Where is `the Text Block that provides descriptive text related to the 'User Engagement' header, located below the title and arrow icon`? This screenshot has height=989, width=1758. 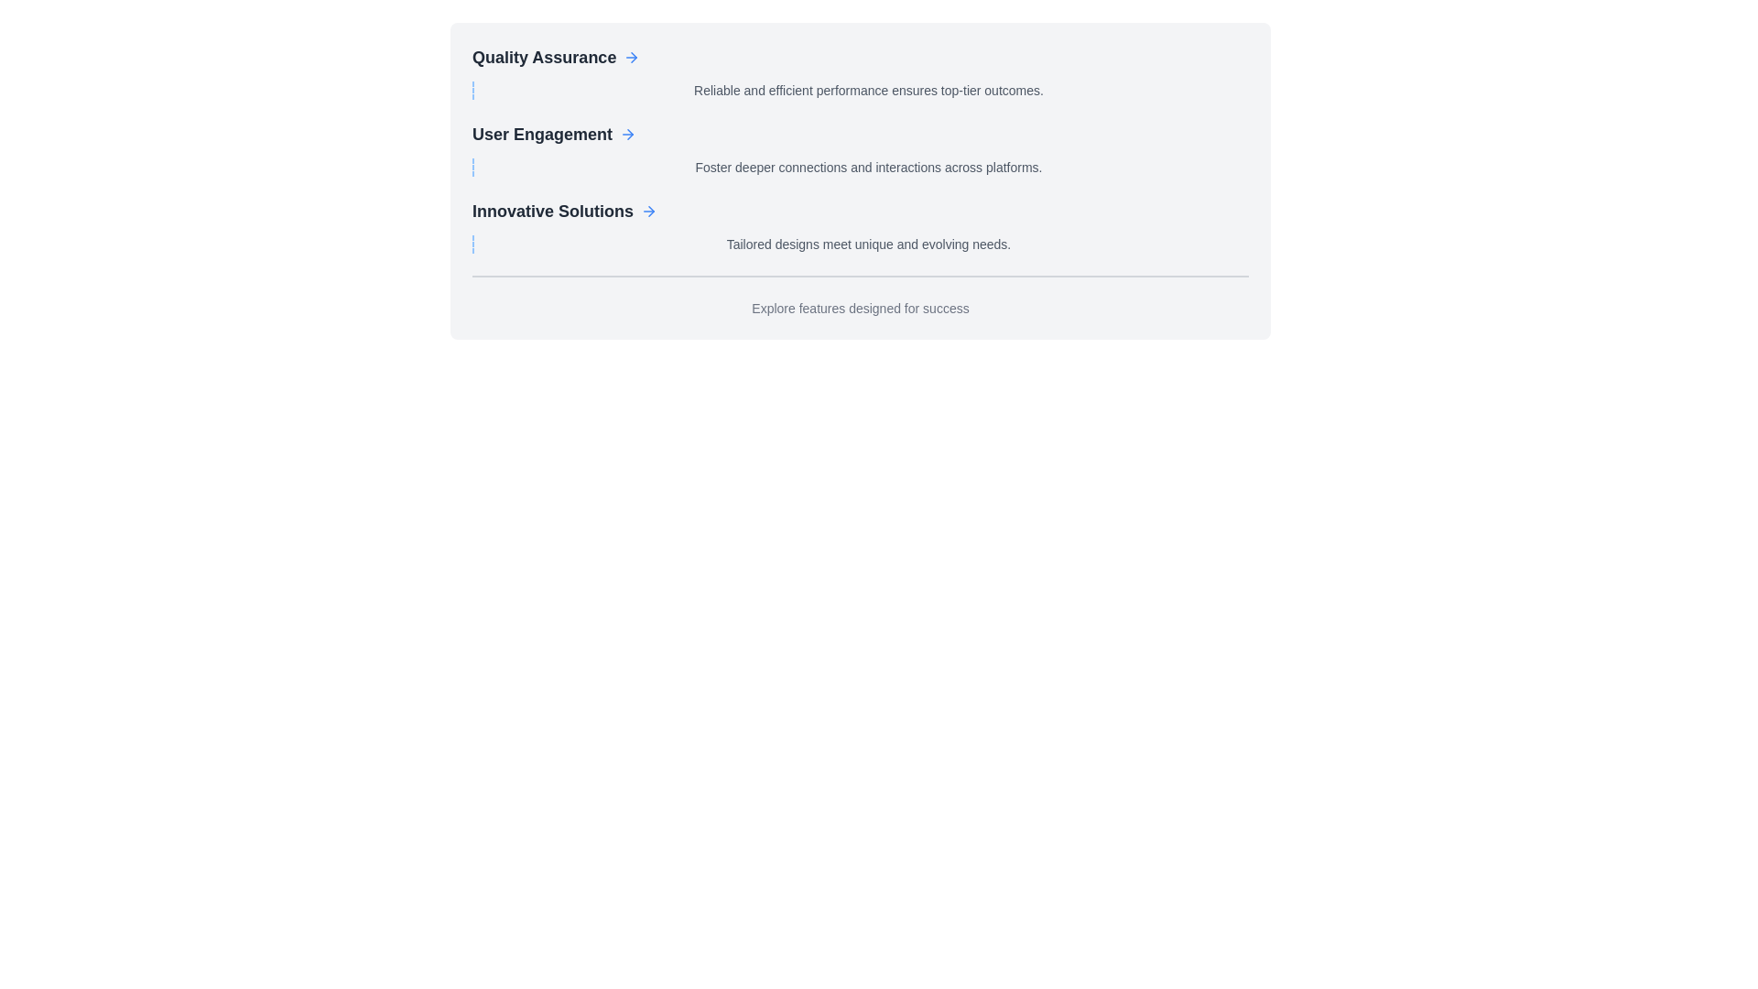
the Text Block that provides descriptive text related to the 'User Engagement' header, located below the title and arrow icon is located at coordinates (860, 167).